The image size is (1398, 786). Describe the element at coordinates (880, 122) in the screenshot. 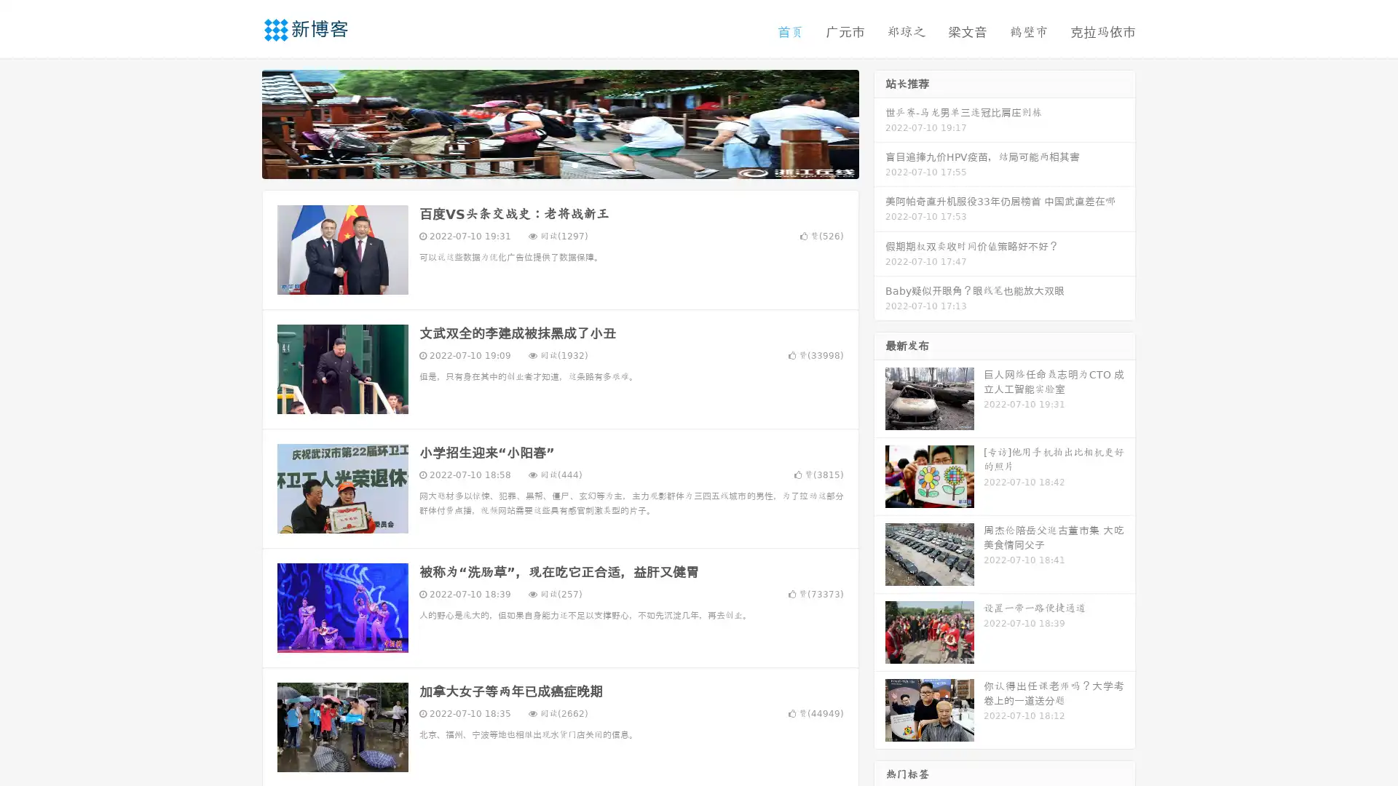

I see `Next slide` at that location.